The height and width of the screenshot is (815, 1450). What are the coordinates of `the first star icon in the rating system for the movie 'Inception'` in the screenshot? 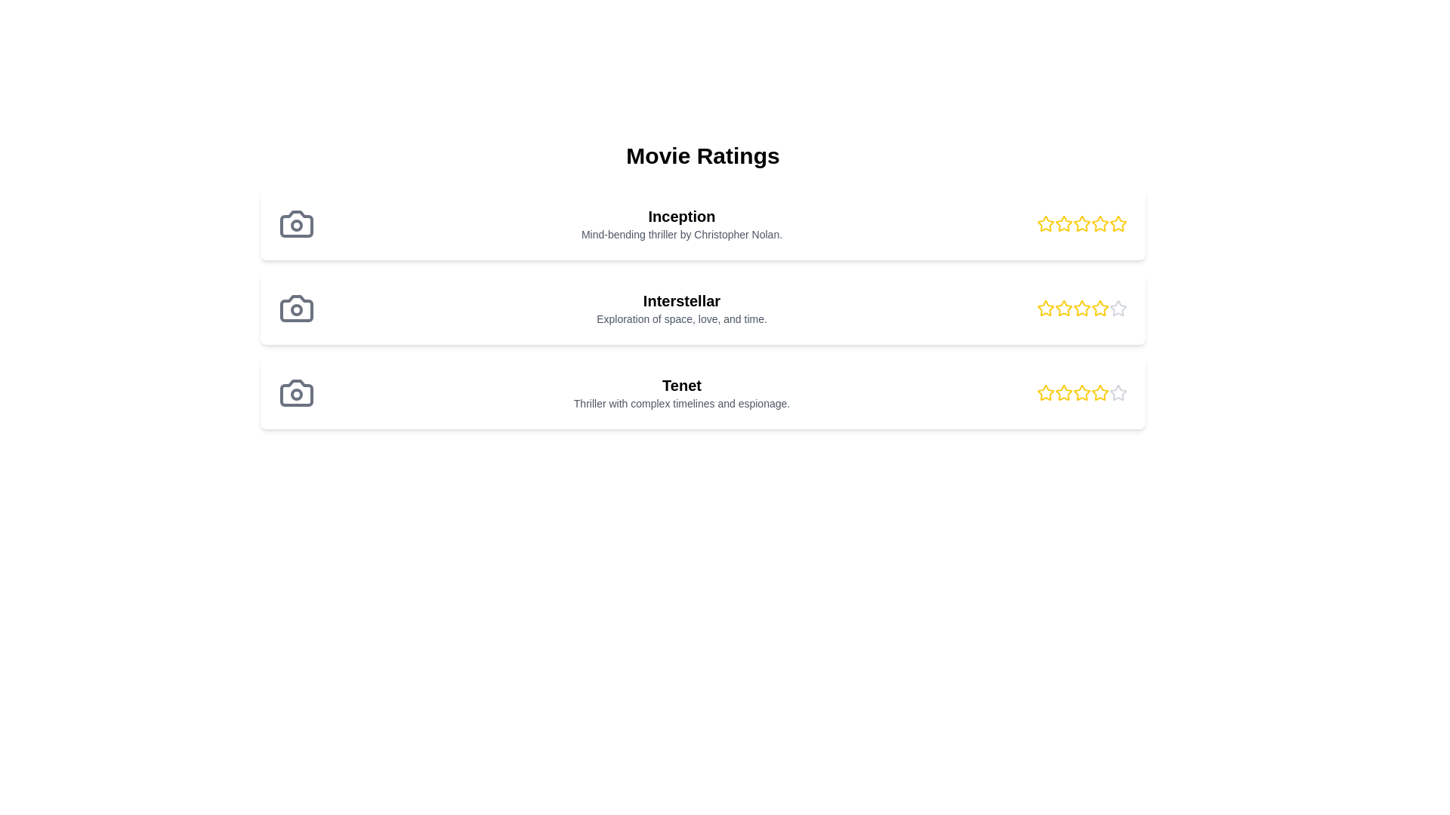 It's located at (1045, 224).